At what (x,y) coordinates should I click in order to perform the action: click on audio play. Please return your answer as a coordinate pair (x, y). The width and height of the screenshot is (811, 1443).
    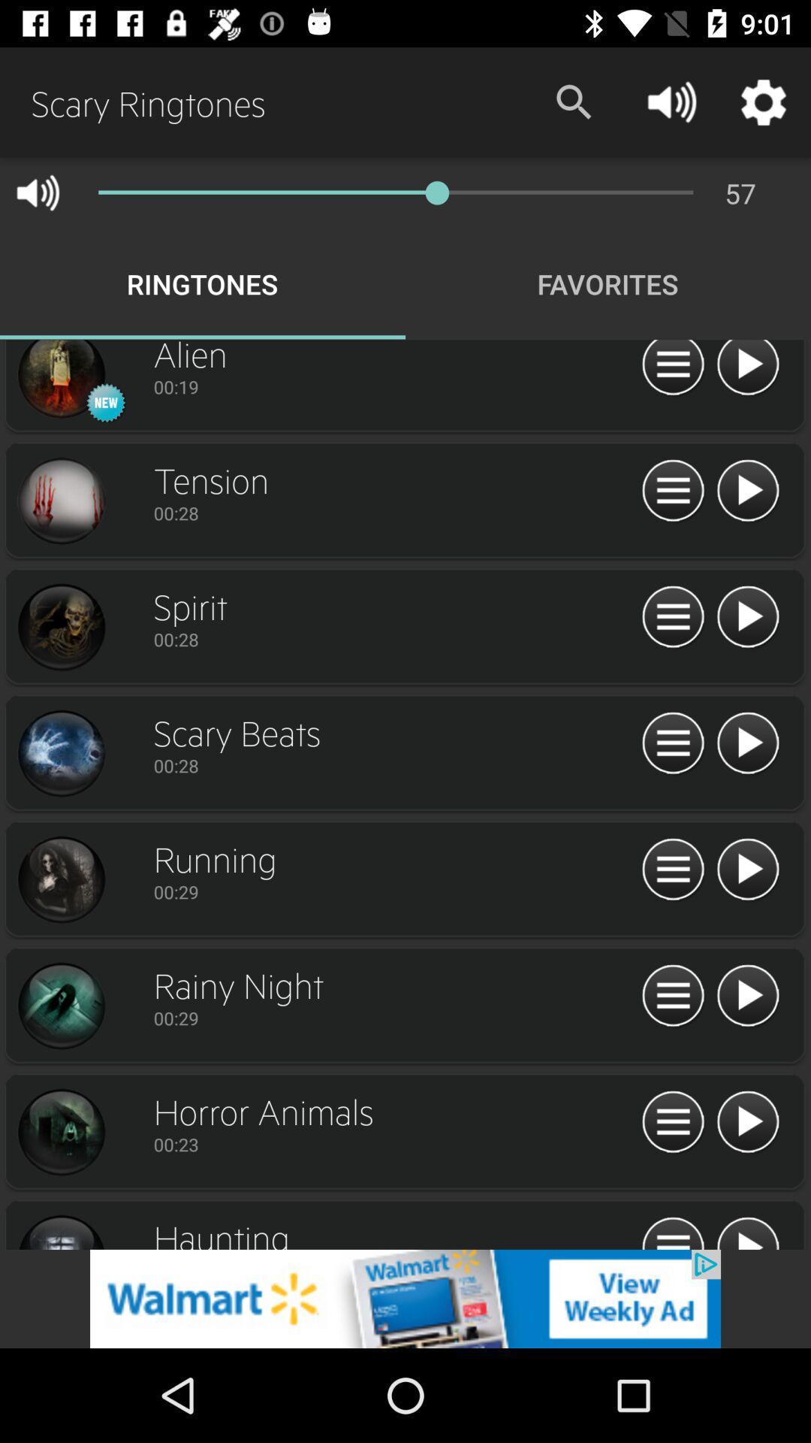
    Looking at the image, I should click on (747, 1231).